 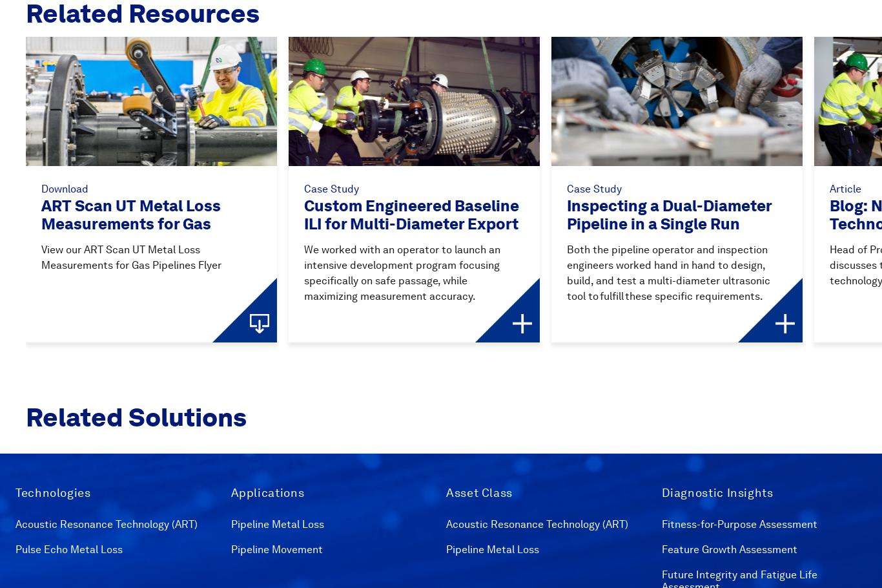 What do you see at coordinates (68, 548) in the screenshot?
I see `'Pulse Echo Metal Loss'` at bounding box center [68, 548].